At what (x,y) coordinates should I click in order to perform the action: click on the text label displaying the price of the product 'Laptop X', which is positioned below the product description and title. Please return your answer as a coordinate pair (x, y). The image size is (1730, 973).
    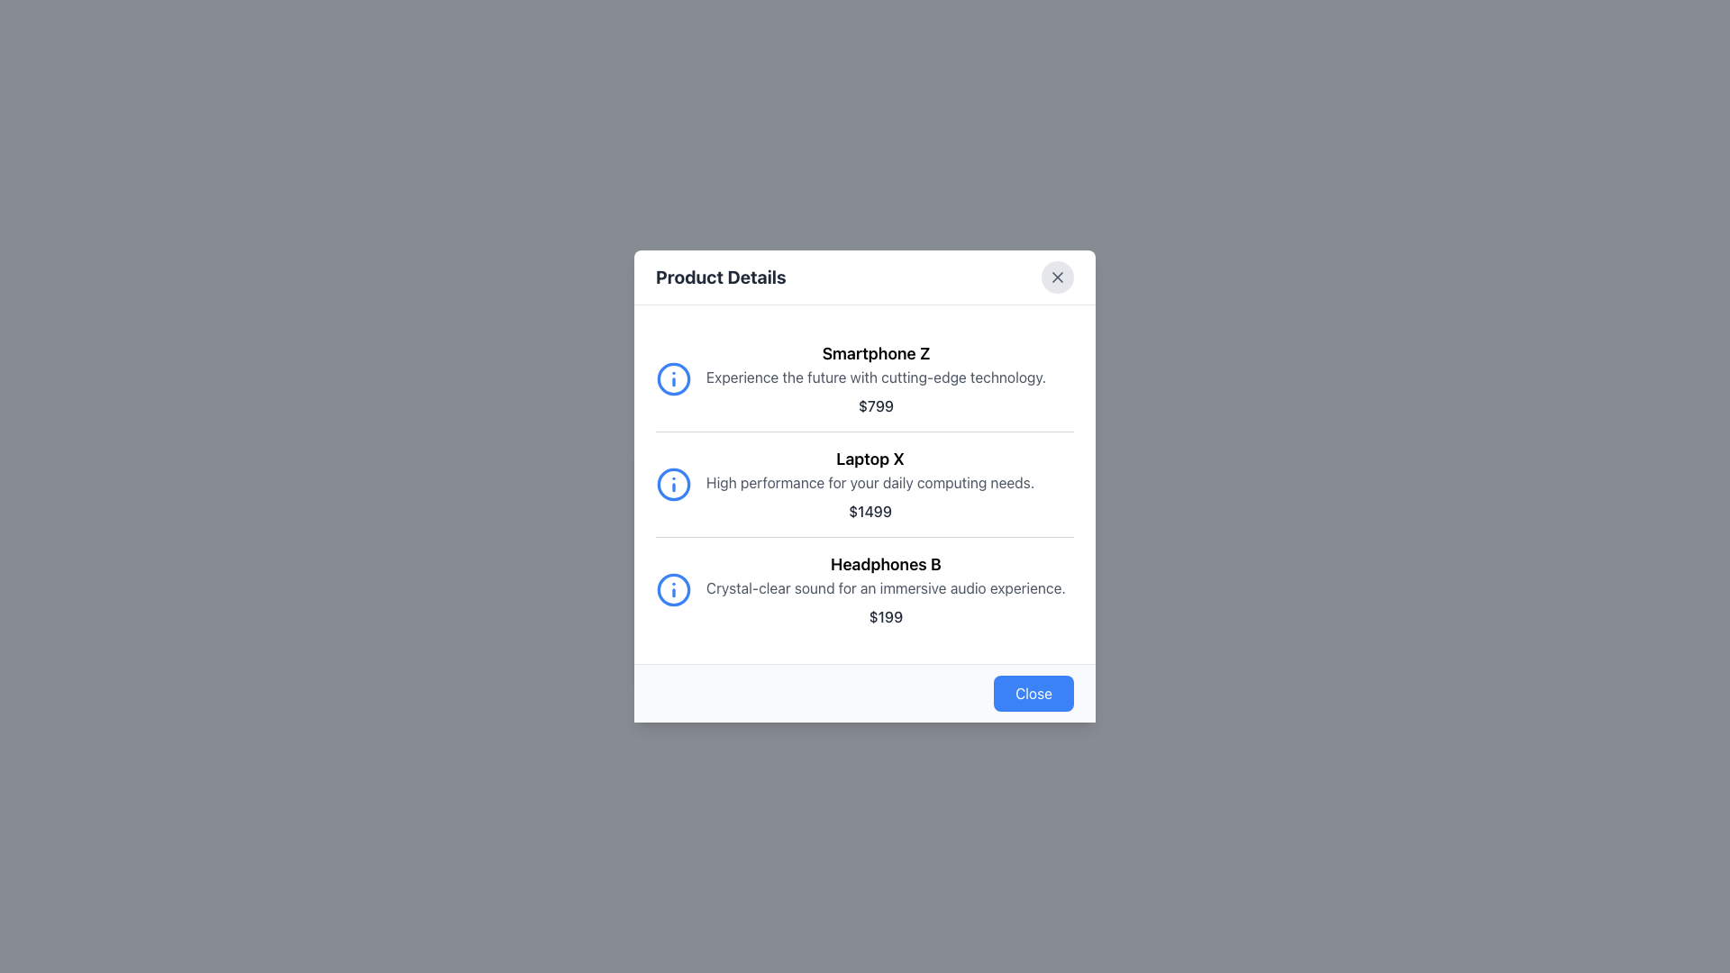
    Looking at the image, I should click on (870, 511).